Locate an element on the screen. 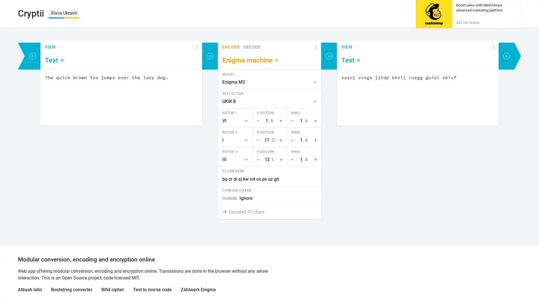 The image size is (539, 303). Step Down is located at coordinates (257, 121).